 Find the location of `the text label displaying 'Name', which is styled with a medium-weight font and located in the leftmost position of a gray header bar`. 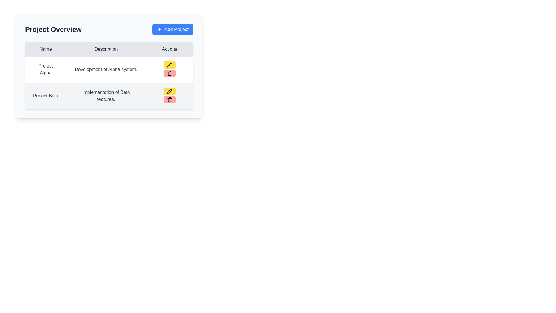

the text label displaying 'Name', which is styled with a medium-weight font and located in the leftmost position of a gray header bar is located at coordinates (45, 49).